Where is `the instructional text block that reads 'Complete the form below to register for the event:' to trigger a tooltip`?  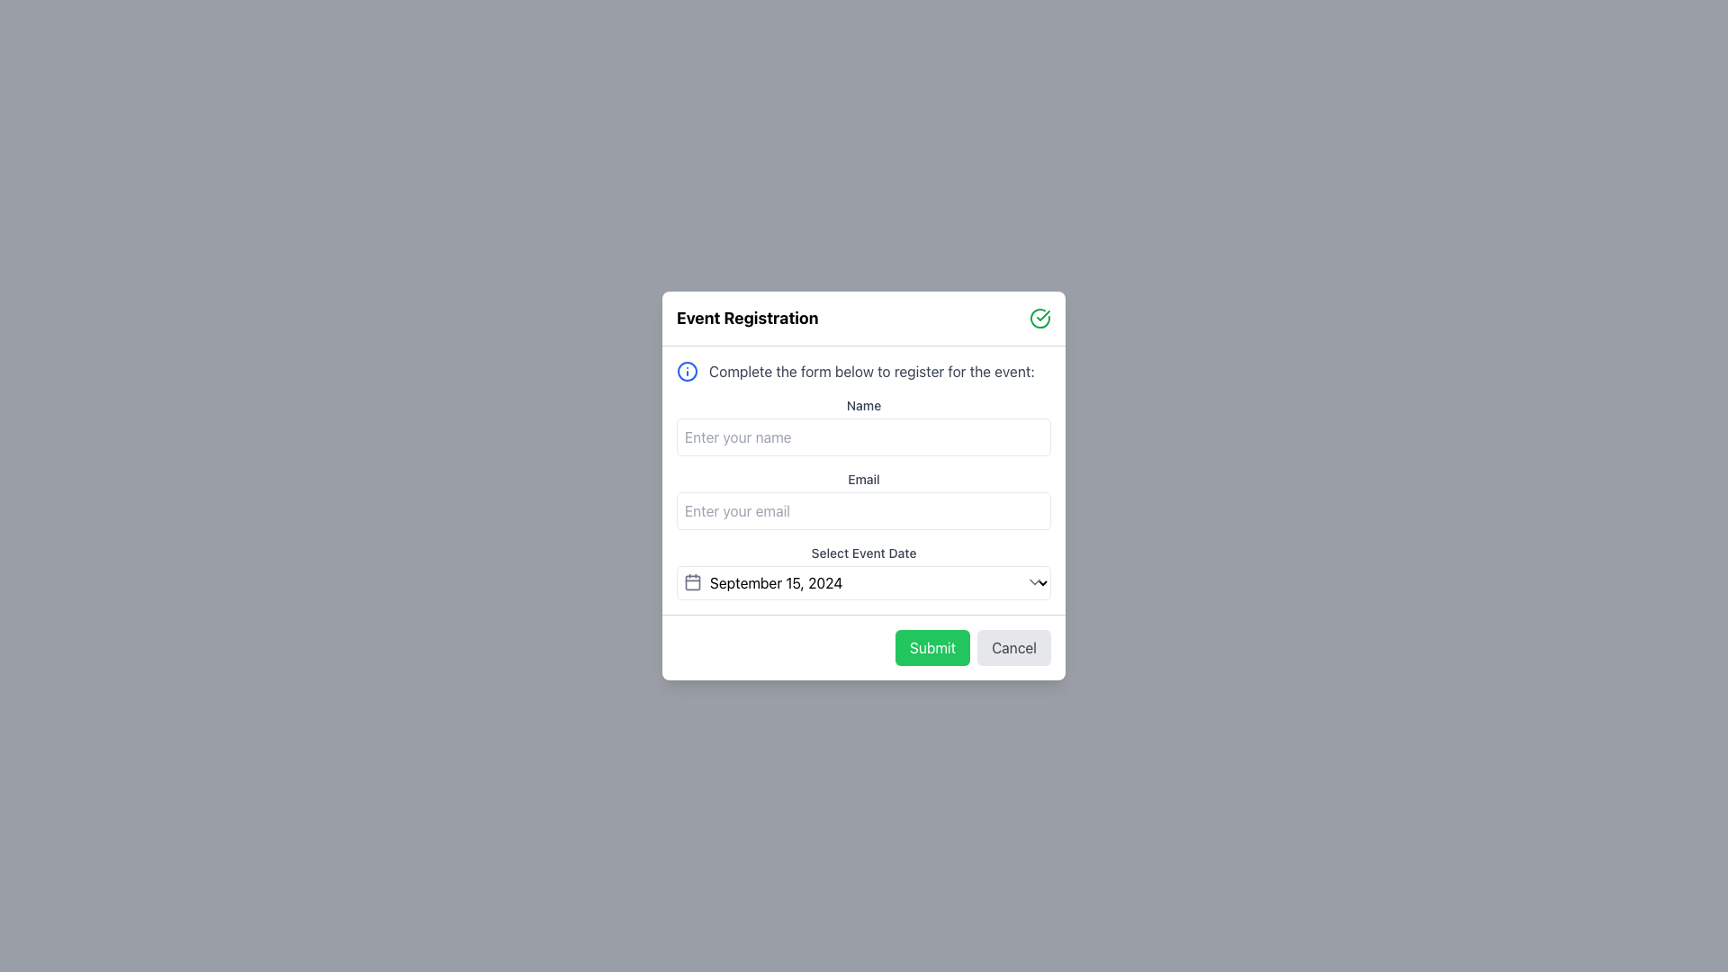 the instructional text block that reads 'Complete the form below to register for the event:' to trigger a tooltip is located at coordinates (864, 370).